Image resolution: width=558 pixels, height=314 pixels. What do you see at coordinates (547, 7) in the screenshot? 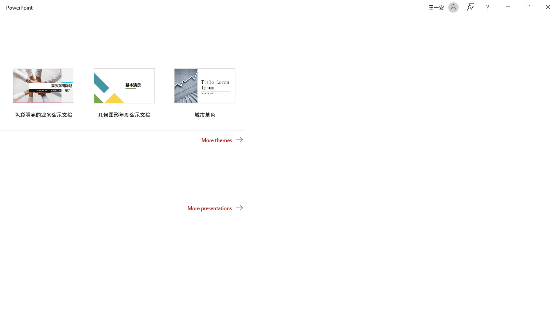
I see `'Close'` at bounding box center [547, 7].